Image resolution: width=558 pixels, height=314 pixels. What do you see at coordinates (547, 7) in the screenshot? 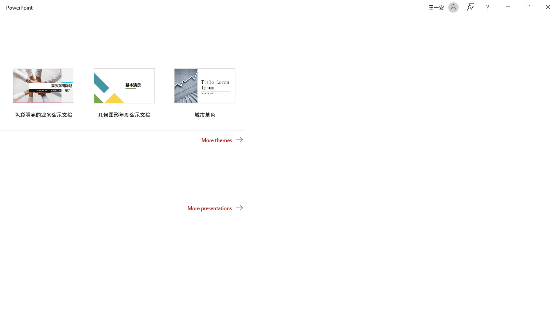
I see `'Close'` at bounding box center [547, 7].